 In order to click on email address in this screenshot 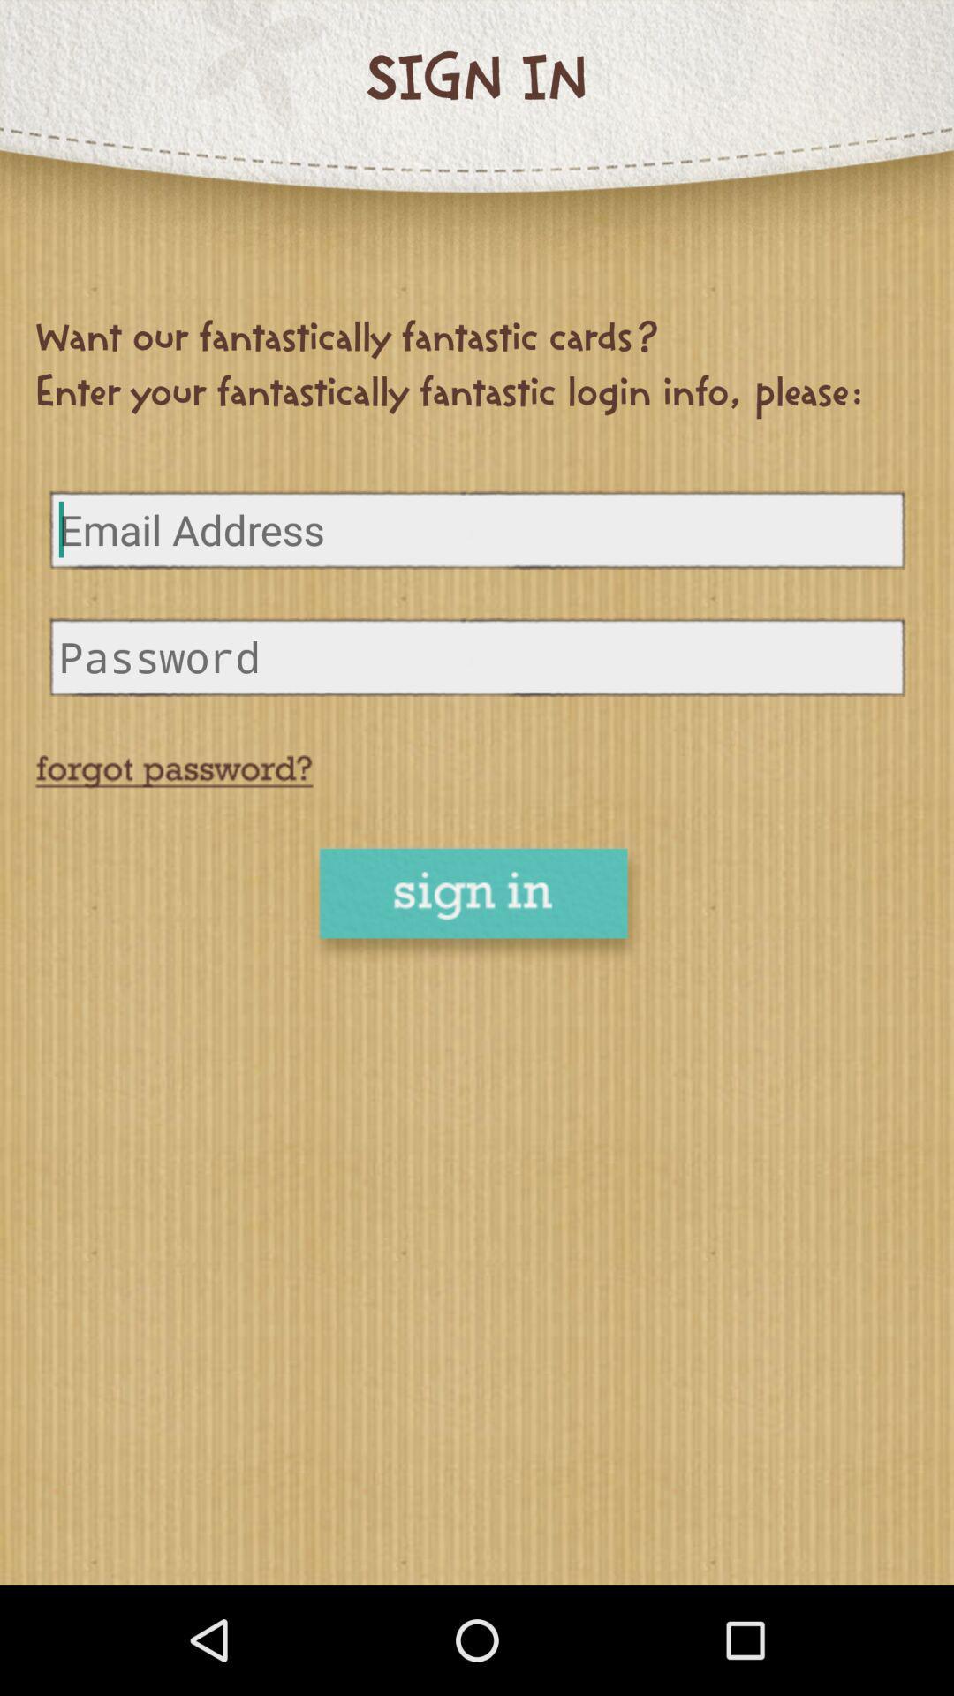, I will do `click(477, 528)`.